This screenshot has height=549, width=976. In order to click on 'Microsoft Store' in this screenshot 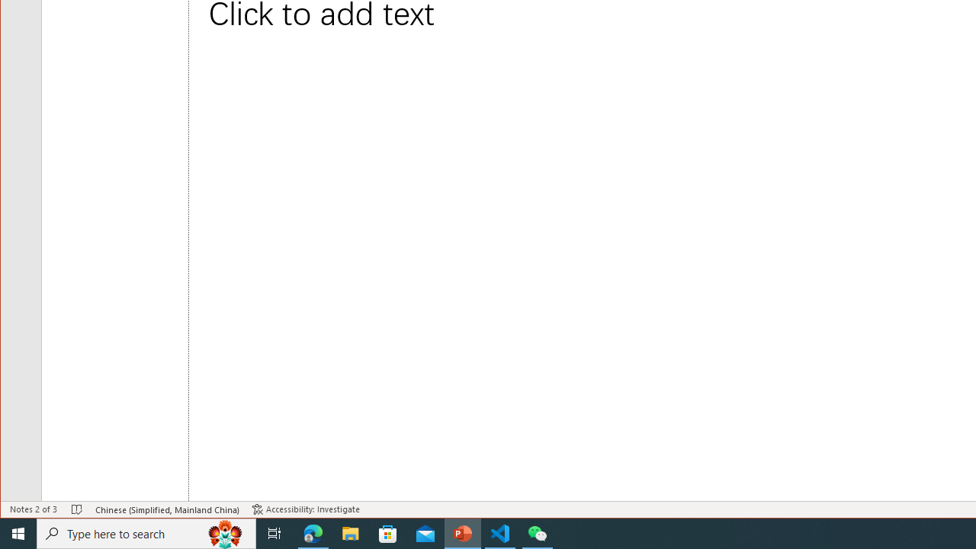, I will do `click(388, 532)`.